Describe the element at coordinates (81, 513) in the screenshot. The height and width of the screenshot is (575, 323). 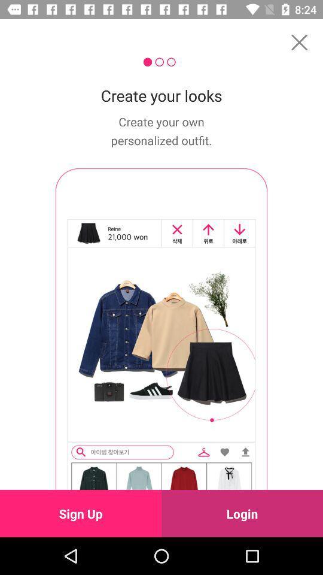
I see `icon at the bottom left corner` at that location.